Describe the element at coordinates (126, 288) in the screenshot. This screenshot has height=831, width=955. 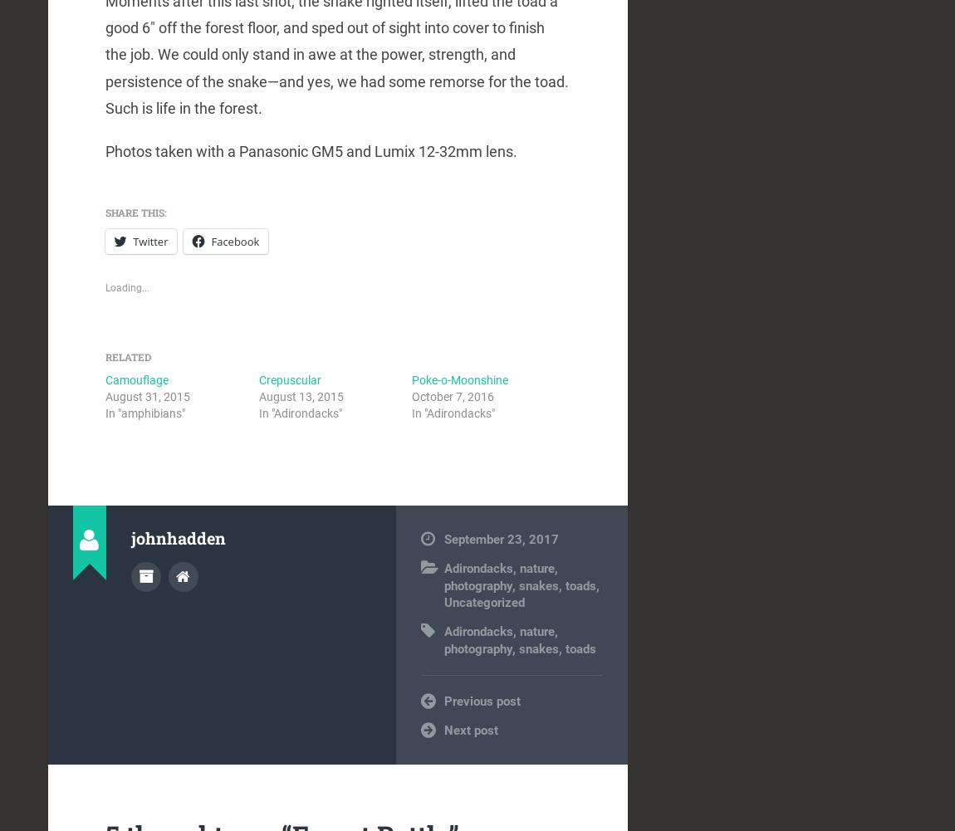
I see `'Loading...'` at that location.